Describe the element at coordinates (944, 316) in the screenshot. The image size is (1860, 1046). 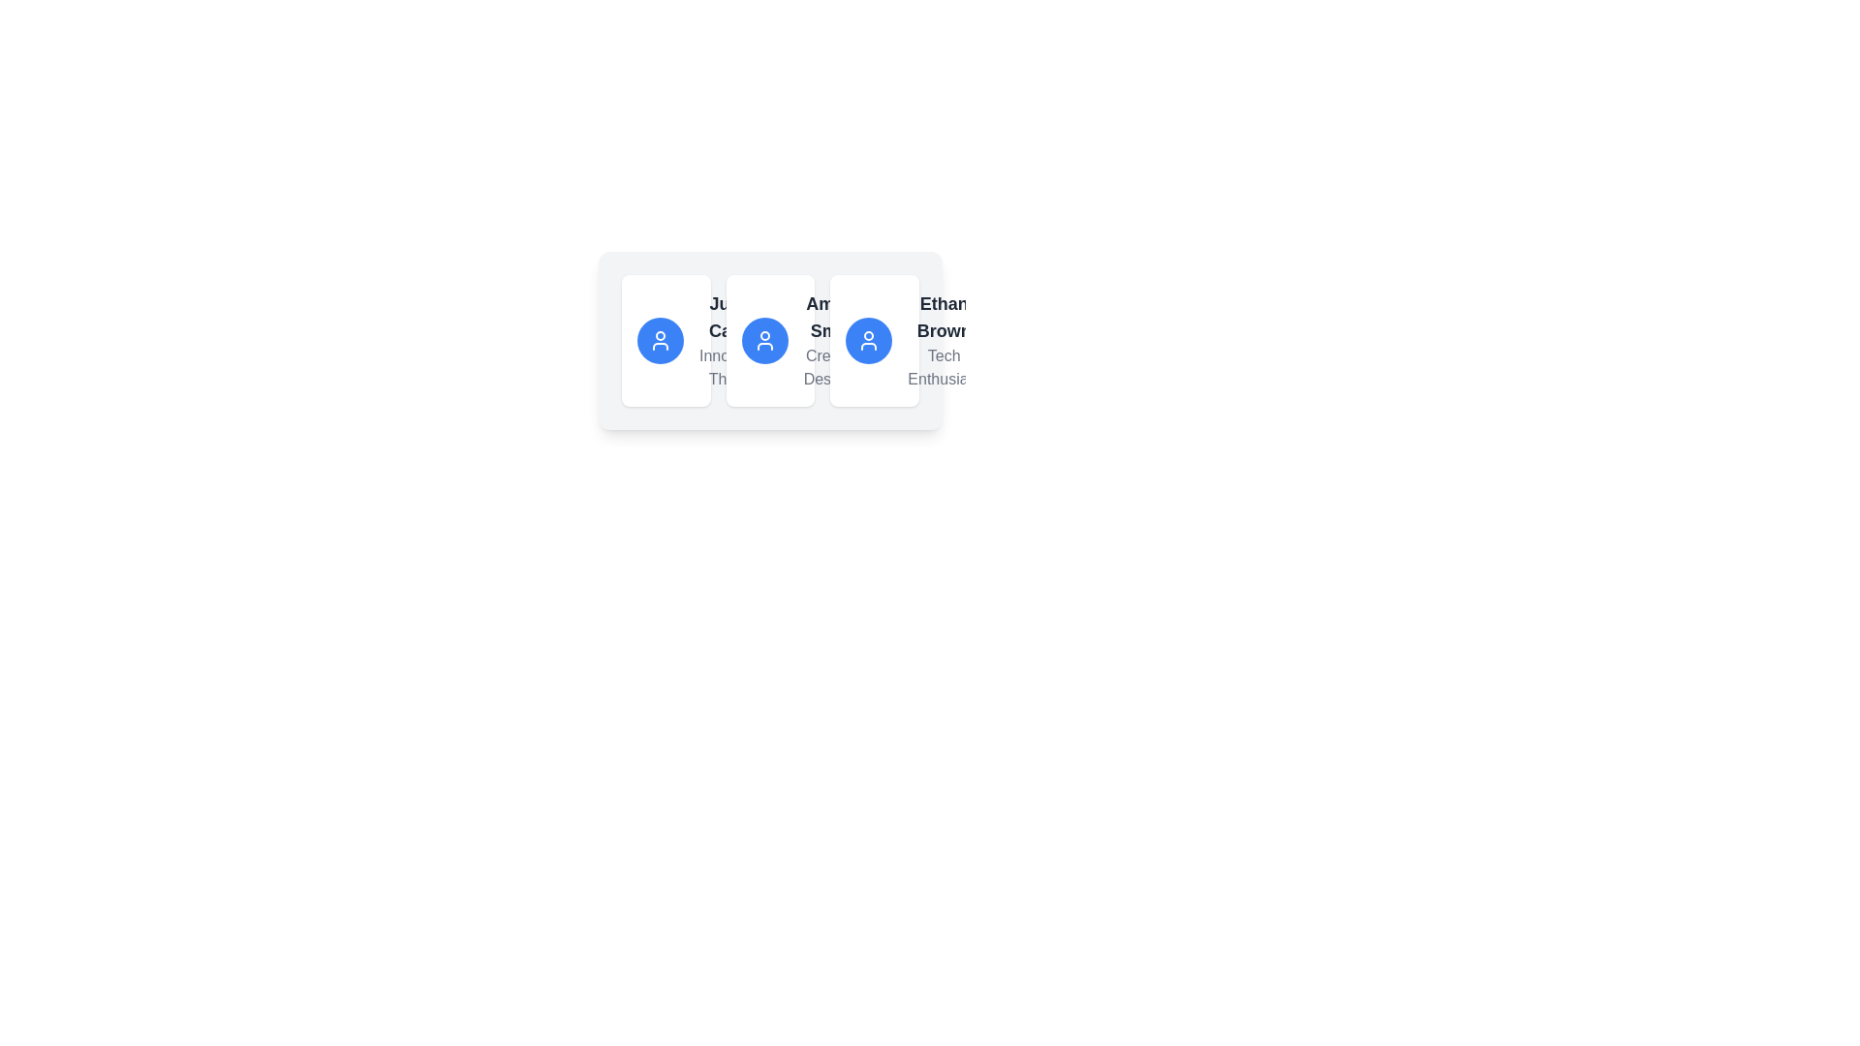
I see `the text label displaying 'Ethan Brown', which is bold and dark gray, and is positioned above 'Tech Enthusiast'` at that location.